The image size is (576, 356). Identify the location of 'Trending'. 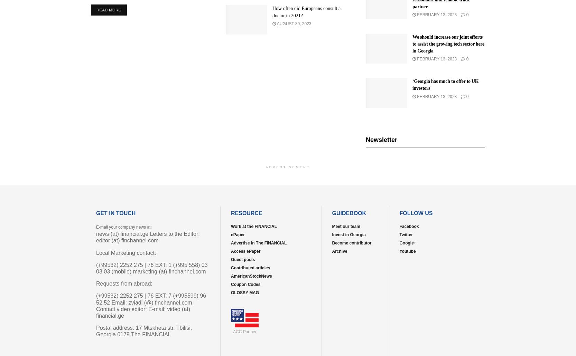
(376, 244).